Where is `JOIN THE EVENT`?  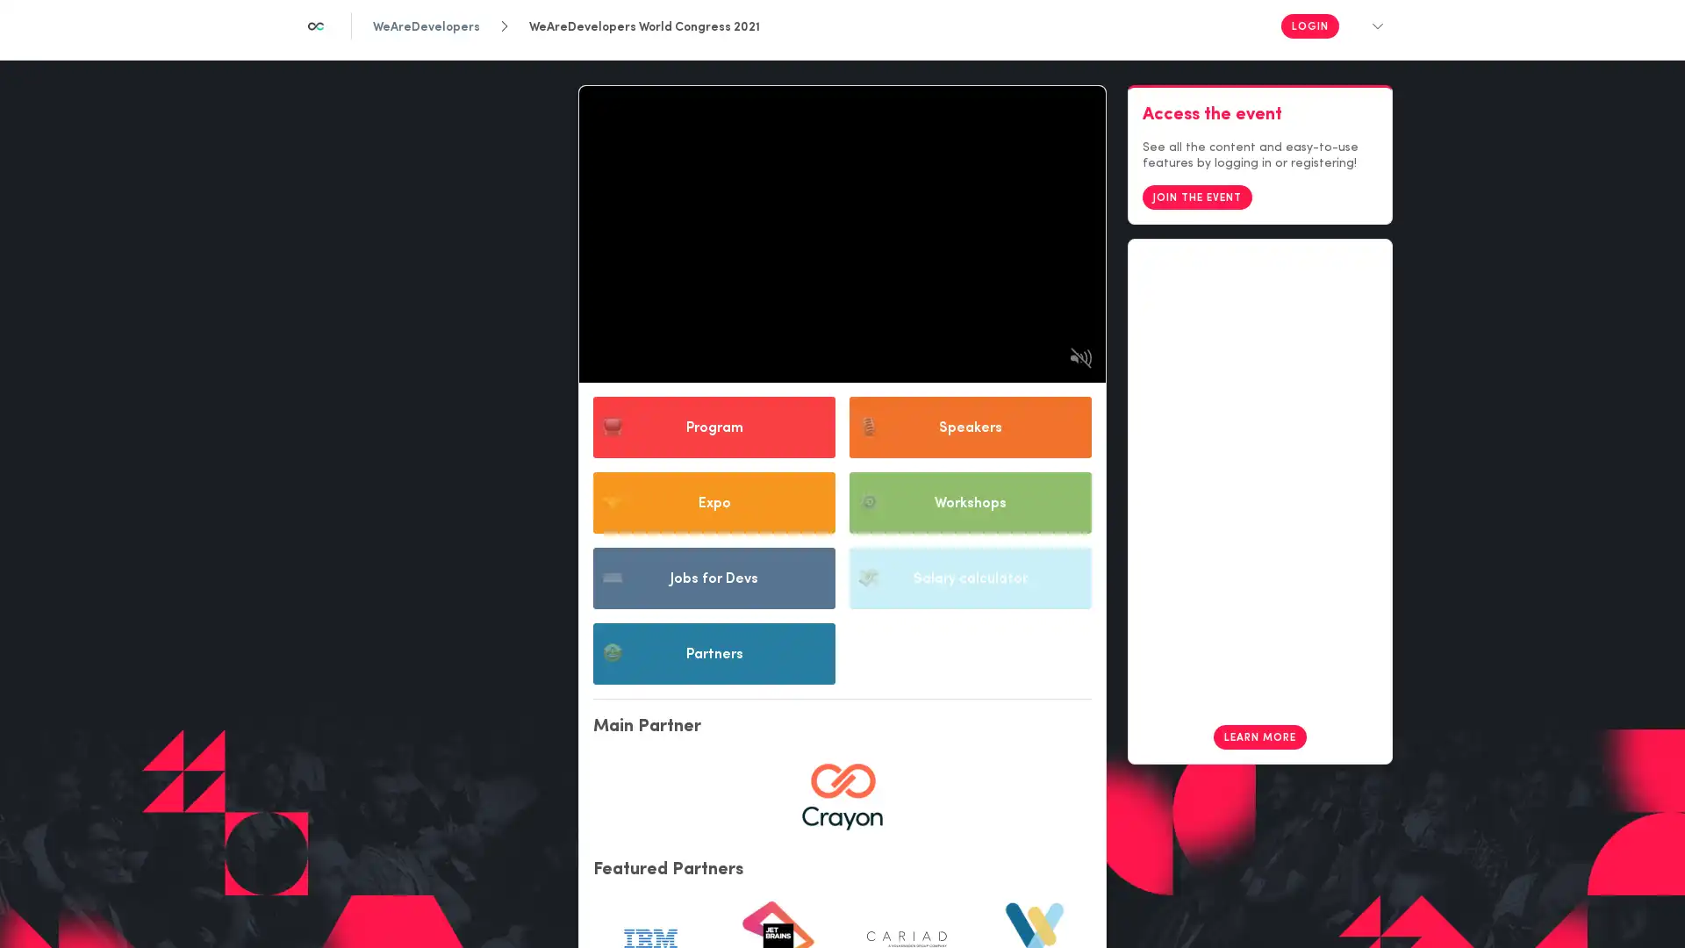 JOIN THE EVENT is located at coordinates (1196, 228).